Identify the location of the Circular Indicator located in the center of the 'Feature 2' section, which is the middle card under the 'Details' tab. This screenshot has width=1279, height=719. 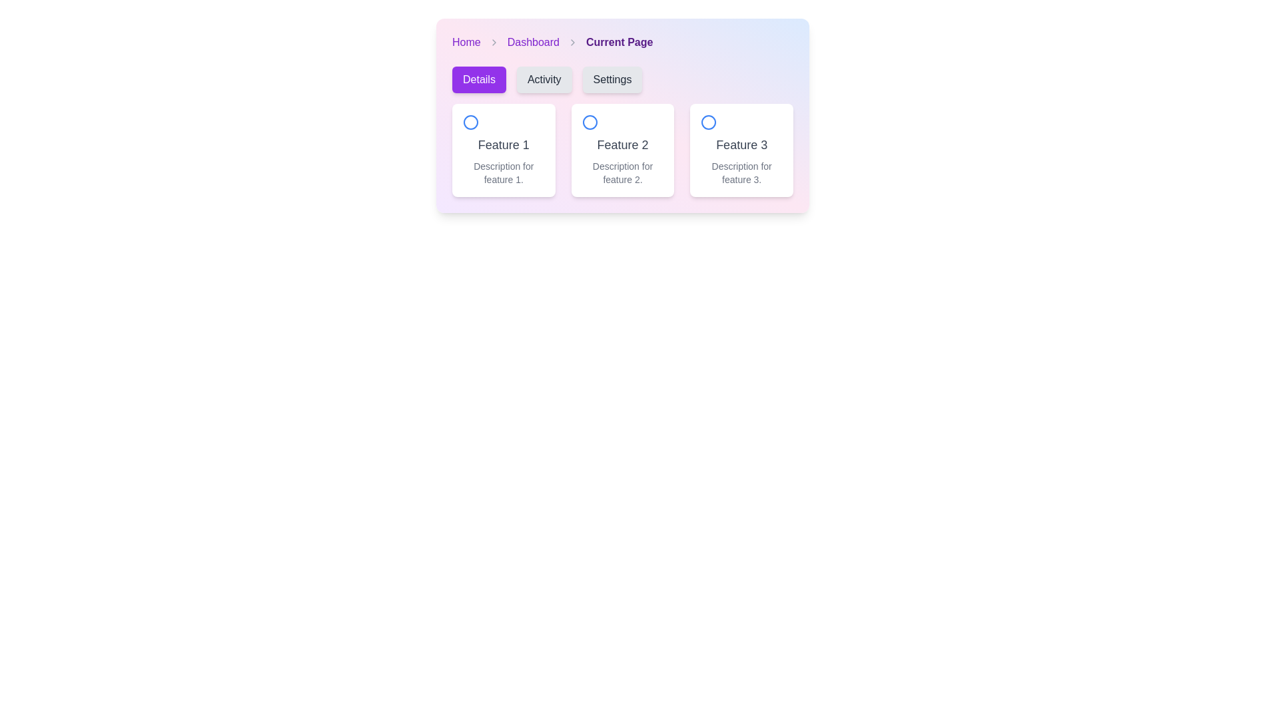
(589, 122).